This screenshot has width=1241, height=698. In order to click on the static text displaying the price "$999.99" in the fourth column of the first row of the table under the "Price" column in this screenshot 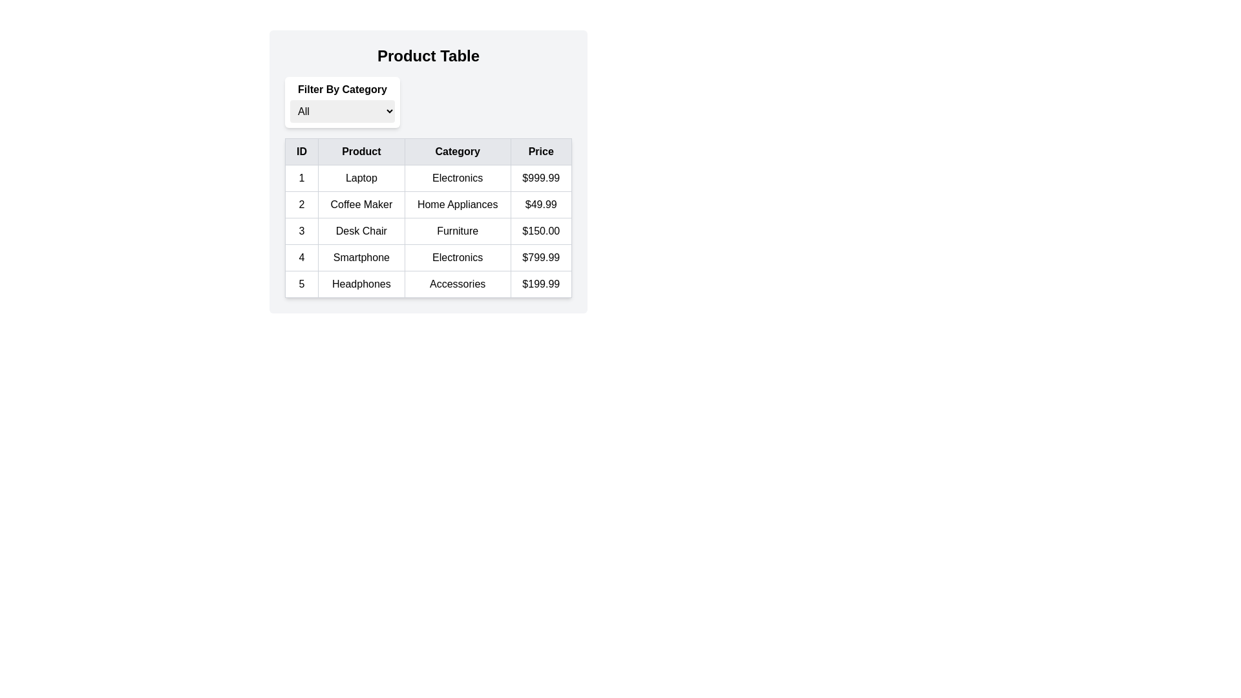, I will do `click(541, 178)`.